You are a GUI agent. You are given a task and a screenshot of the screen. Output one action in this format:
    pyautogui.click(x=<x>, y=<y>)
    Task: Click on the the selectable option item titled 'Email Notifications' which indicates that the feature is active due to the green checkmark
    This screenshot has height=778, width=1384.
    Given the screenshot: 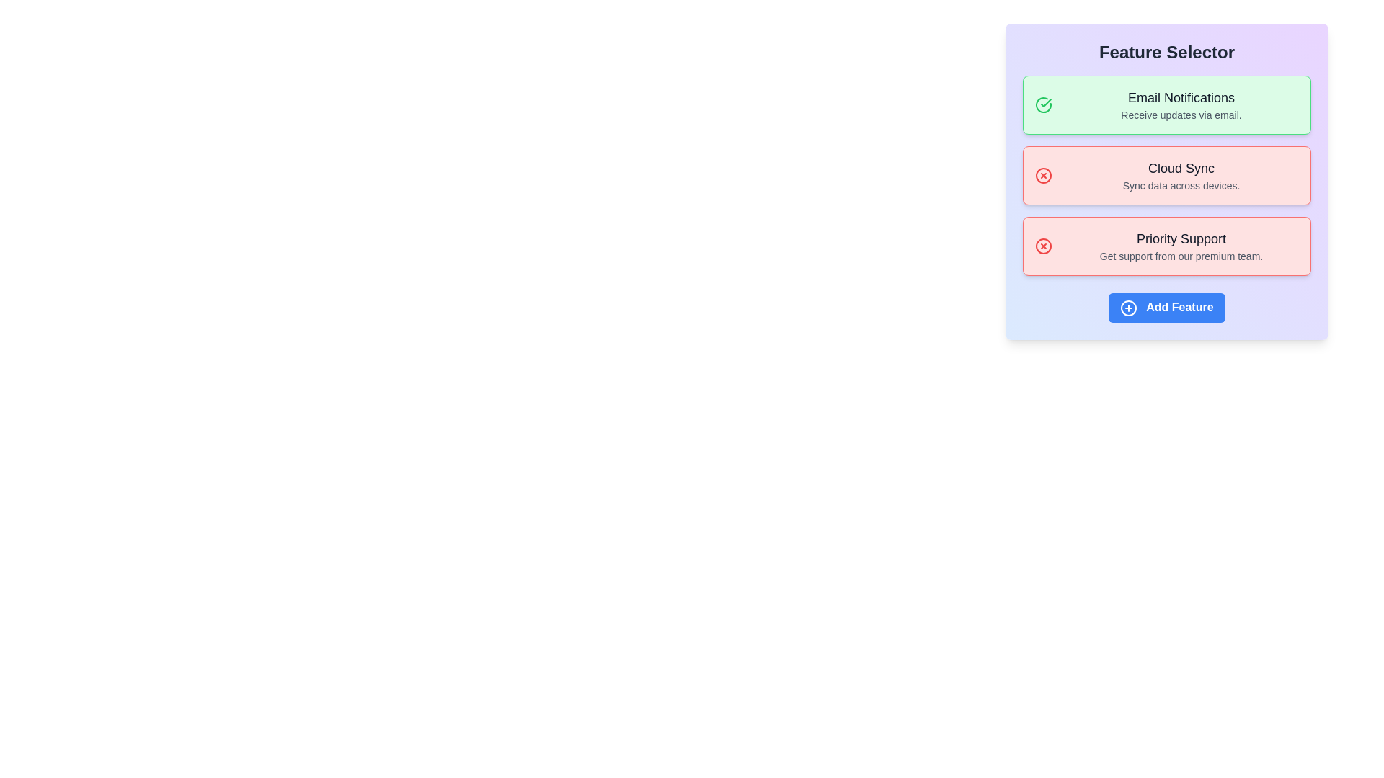 What is the action you would take?
    pyautogui.click(x=1166, y=104)
    